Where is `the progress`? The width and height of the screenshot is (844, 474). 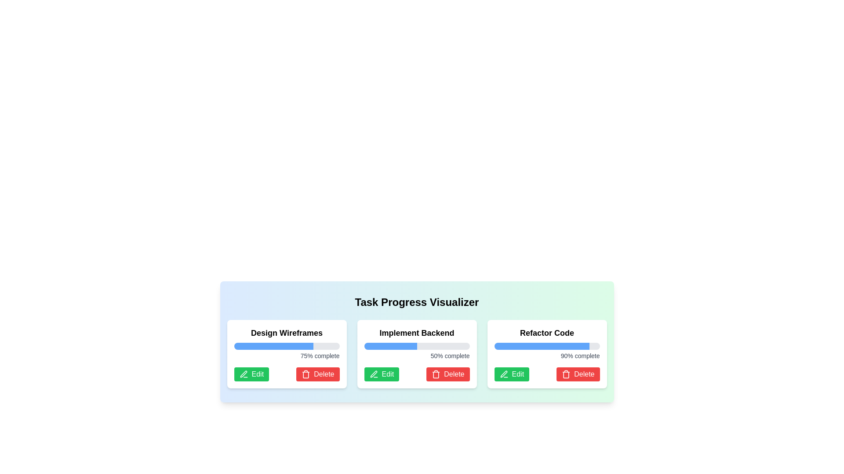
the progress is located at coordinates (497, 346).